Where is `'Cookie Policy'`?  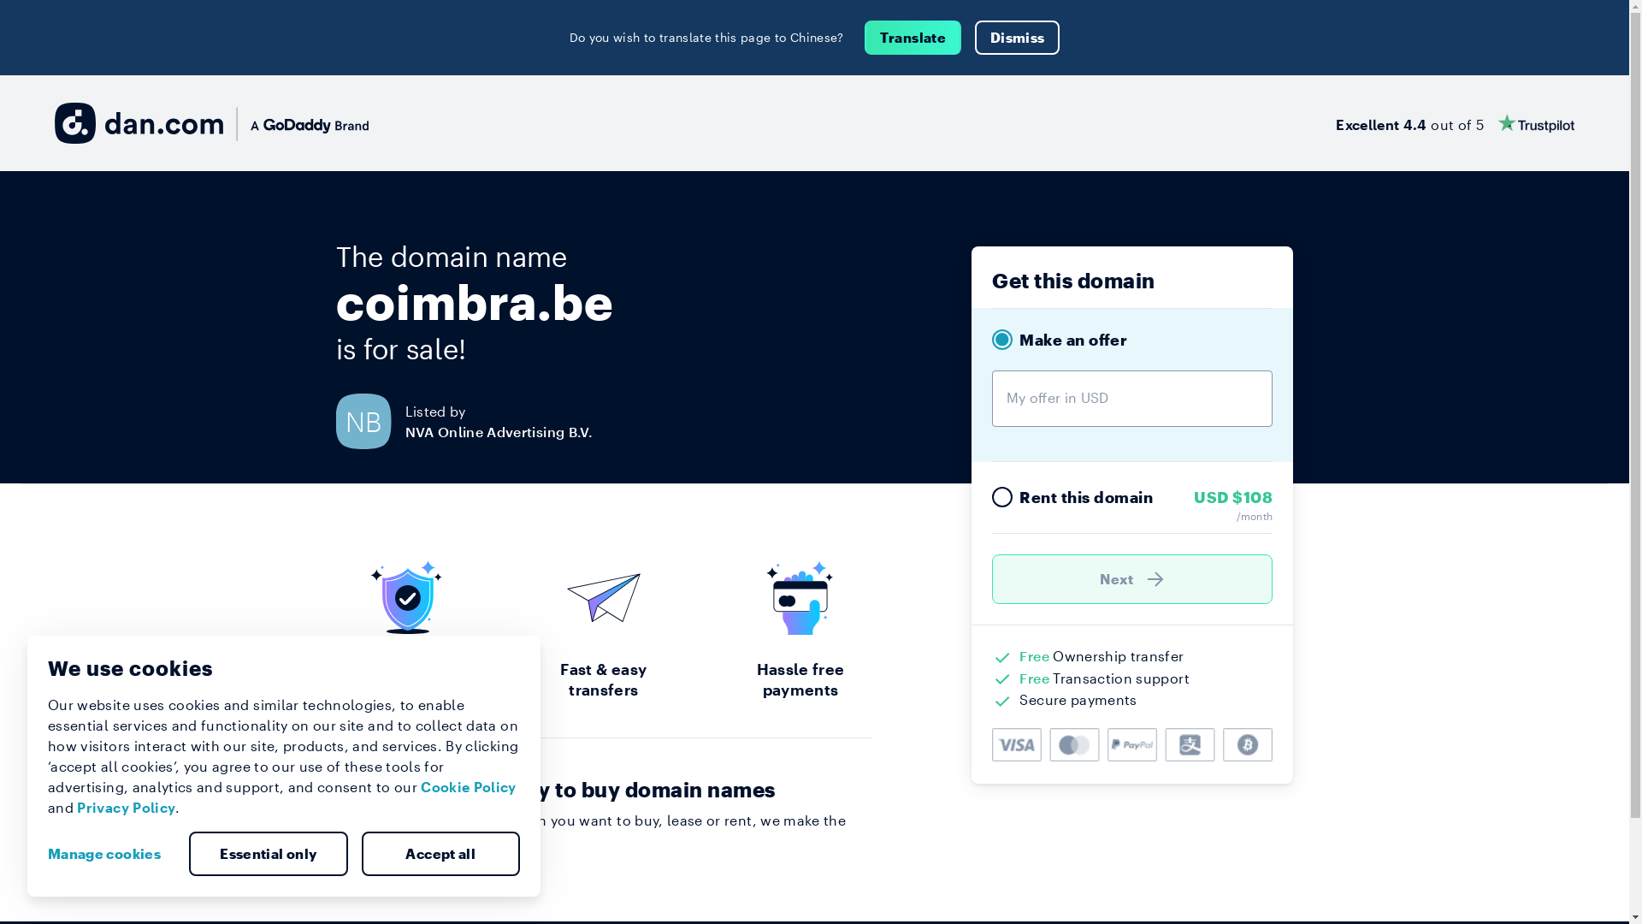 'Cookie Policy' is located at coordinates (468, 786).